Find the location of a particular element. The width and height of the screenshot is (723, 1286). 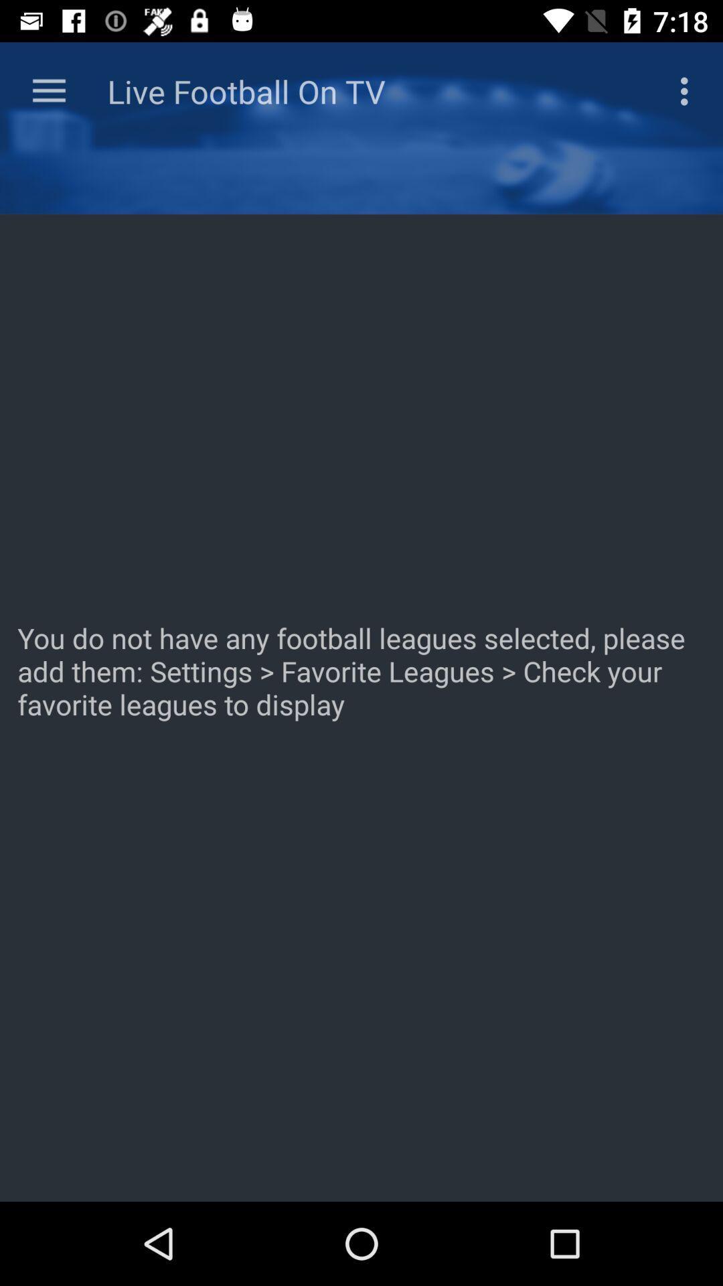

icon above you do not icon is located at coordinates (688, 90).